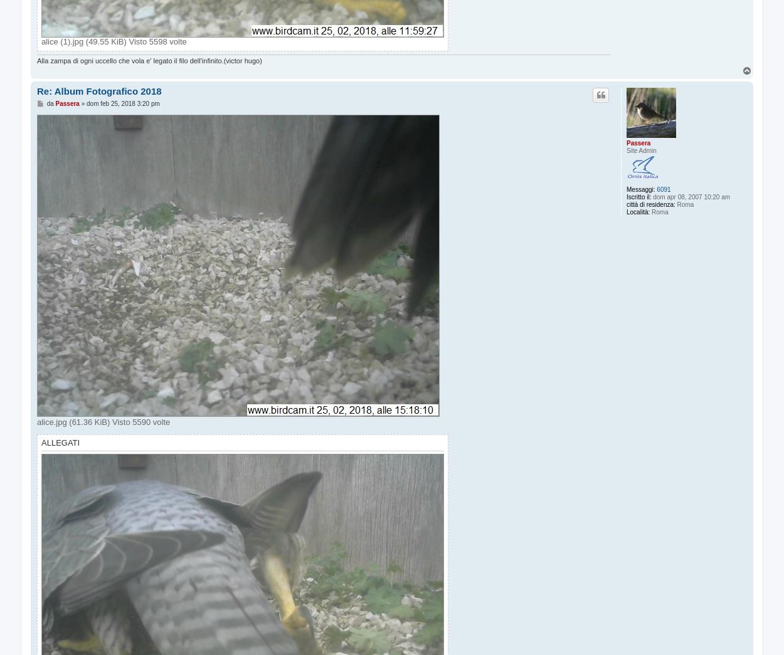  I want to click on 'Re: Album Fotografico 2018', so click(99, 90).